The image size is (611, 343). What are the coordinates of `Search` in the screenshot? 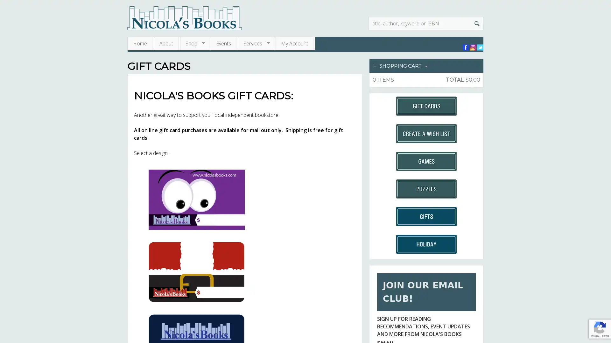 It's located at (477, 23).